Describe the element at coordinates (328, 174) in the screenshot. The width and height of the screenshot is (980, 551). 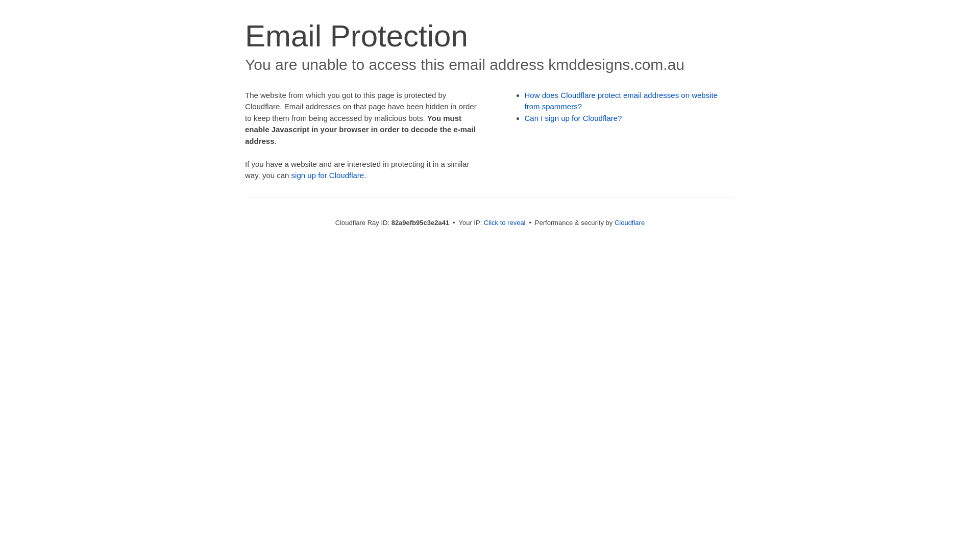
I see `'sign up for Cloudflare'` at that location.